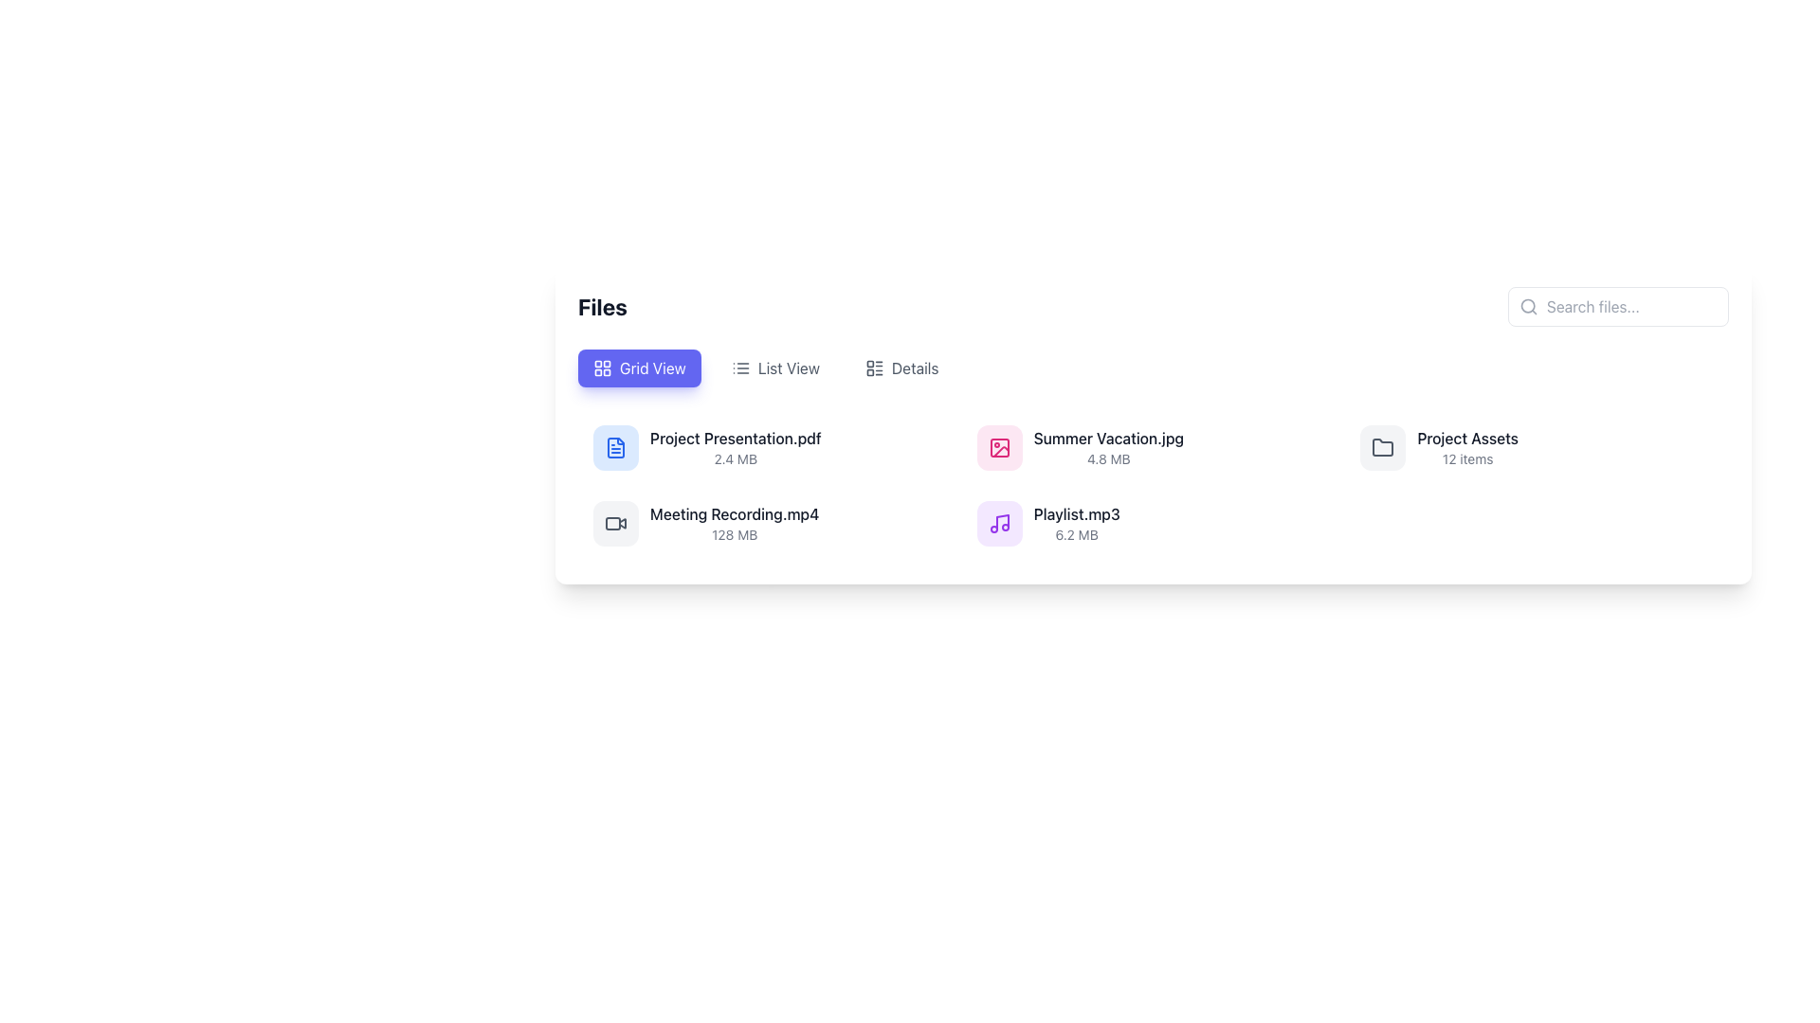  Describe the element at coordinates (739, 368) in the screenshot. I see `the 'List View' icon located inside the 'List View' button, which is positioned between the 'Grid View' and 'Details' buttons in the file-display interface` at that location.